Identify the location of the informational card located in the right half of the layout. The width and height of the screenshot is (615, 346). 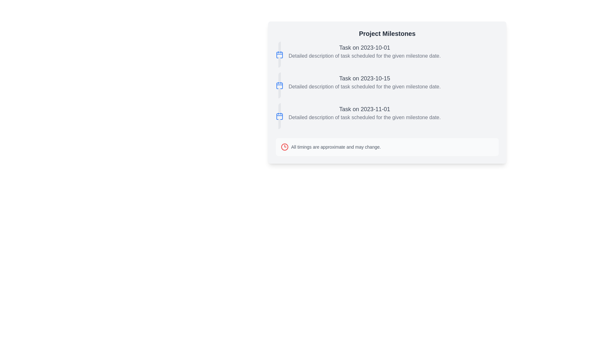
(387, 100).